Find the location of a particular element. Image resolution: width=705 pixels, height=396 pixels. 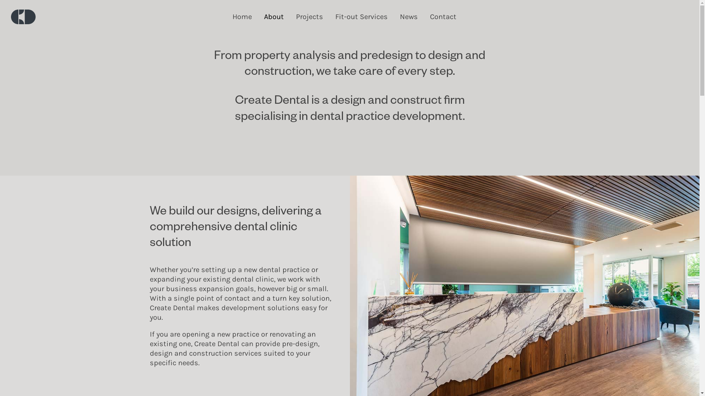

'About' is located at coordinates (273, 16).